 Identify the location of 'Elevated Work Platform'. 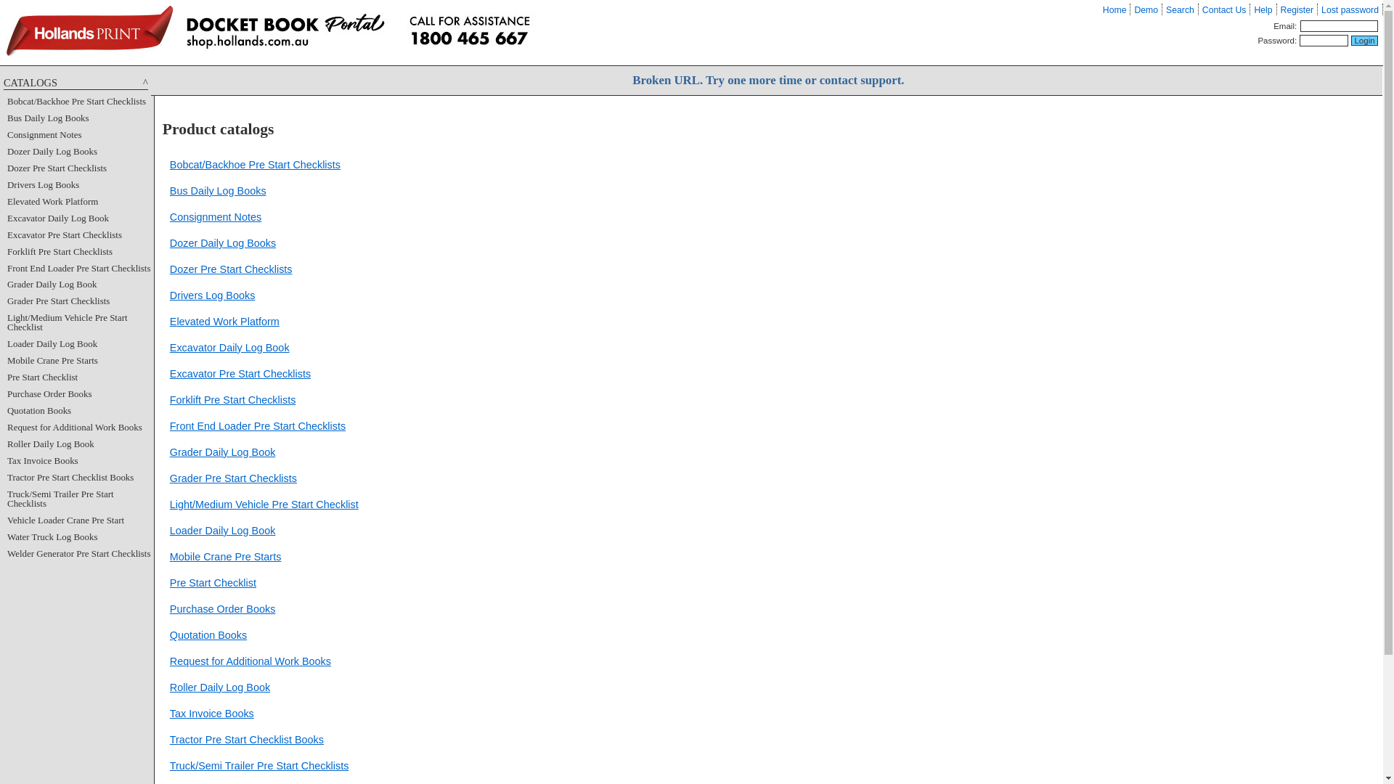
(52, 201).